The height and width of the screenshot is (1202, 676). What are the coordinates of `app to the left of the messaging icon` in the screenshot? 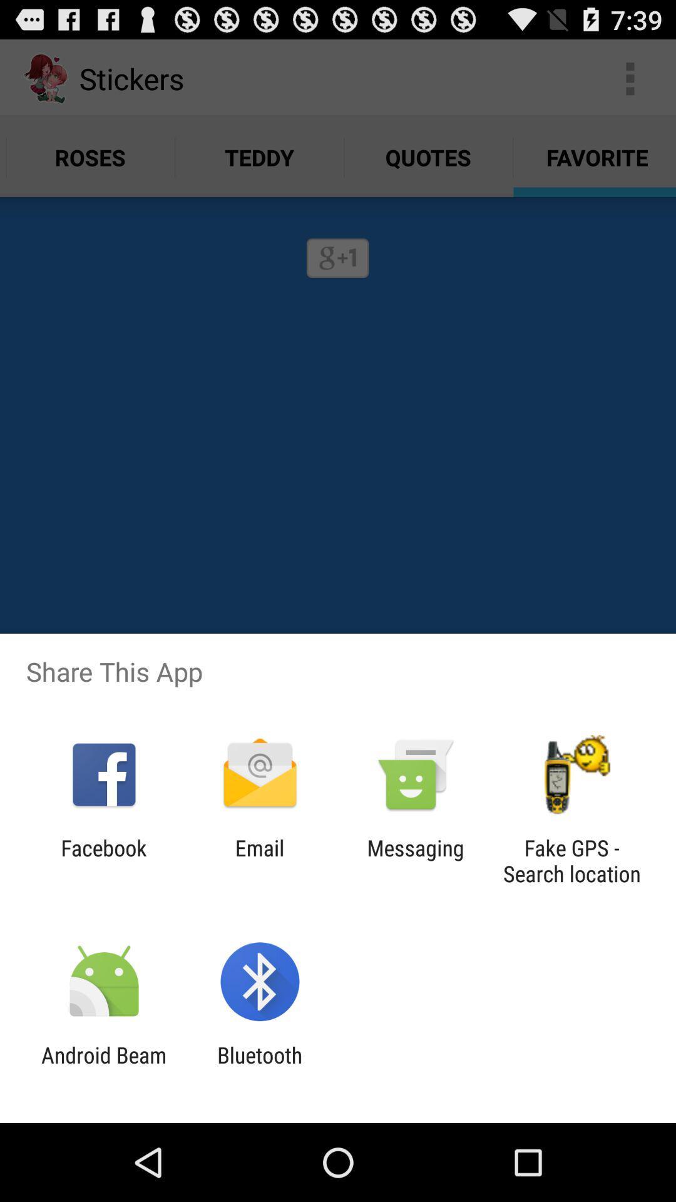 It's located at (259, 860).